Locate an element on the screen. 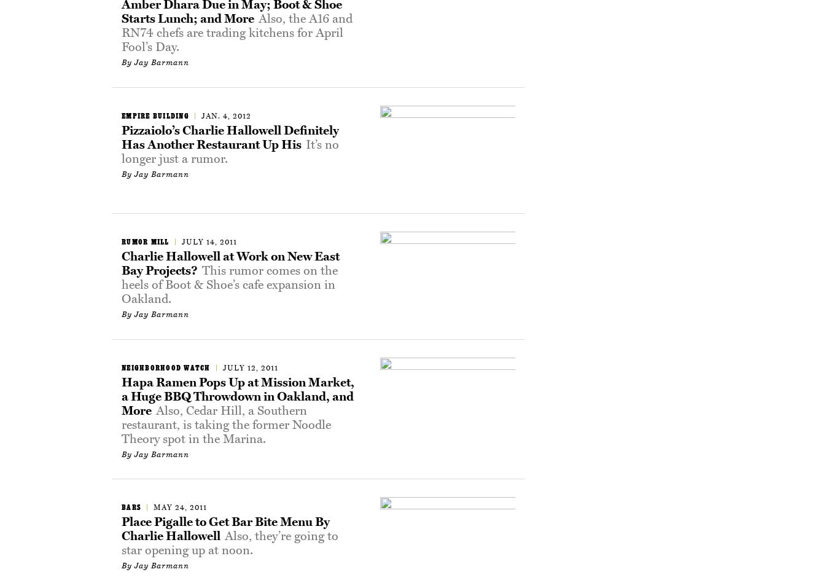 The width and height of the screenshot is (839, 588). 'May 24, 2011' is located at coordinates (180, 506).